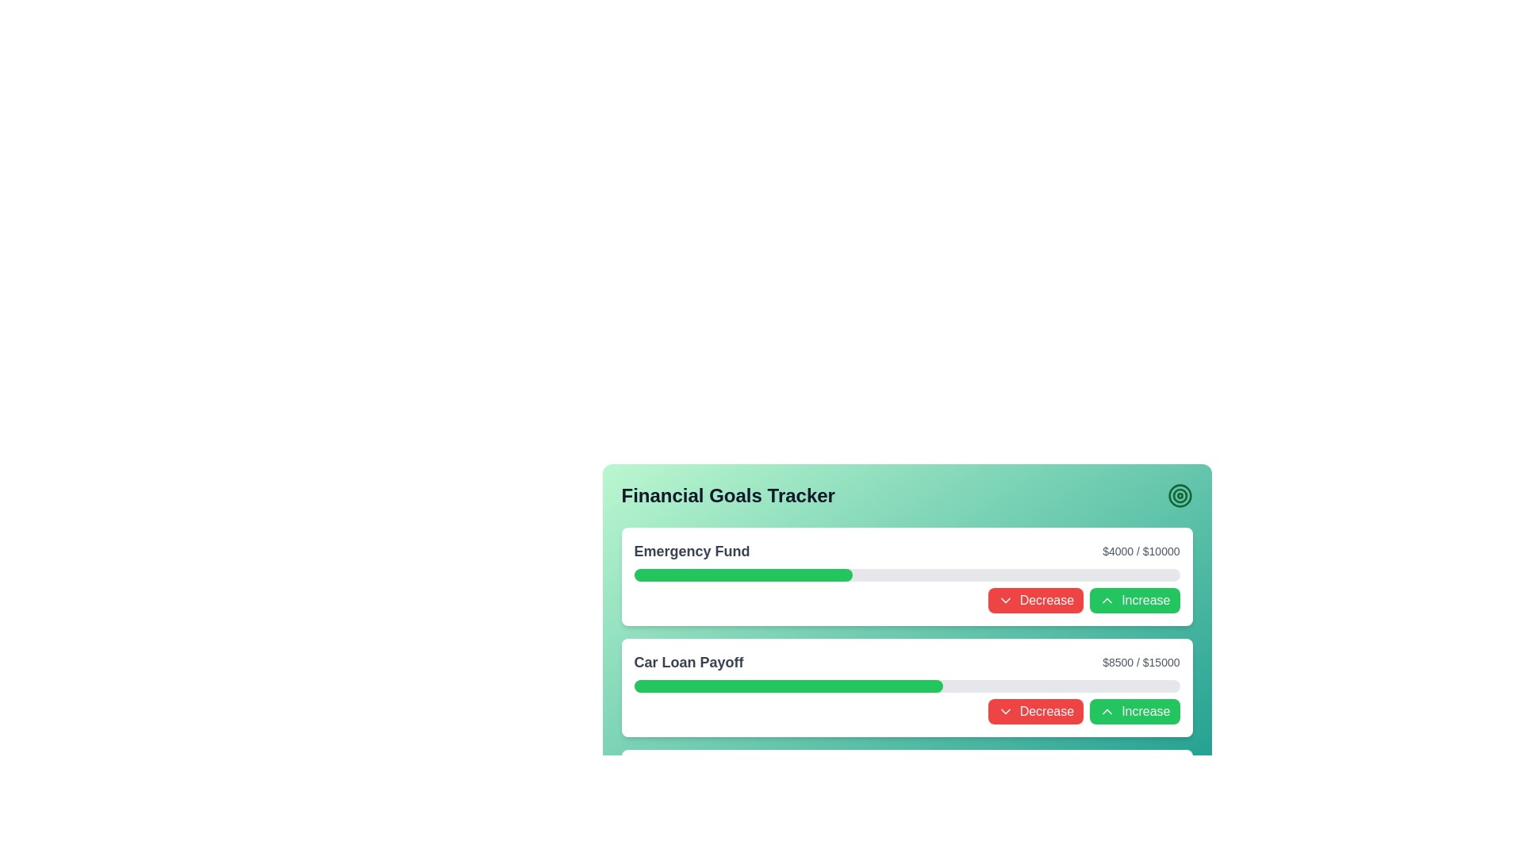  I want to click on the small downwards-pointing chevron icon located to the left of the 'Decrease' button with a red background and white text, so click(1004, 600).